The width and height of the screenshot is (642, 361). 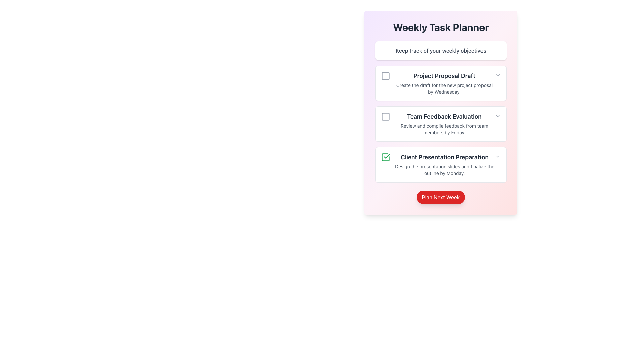 What do you see at coordinates (444, 170) in the screenshot?
I see `the text element located below the bold title 'Client Presentation Preparation', which contains 'Design the presentation slides and finalize the outline by Monday.'` at bounding box center [444, 170].